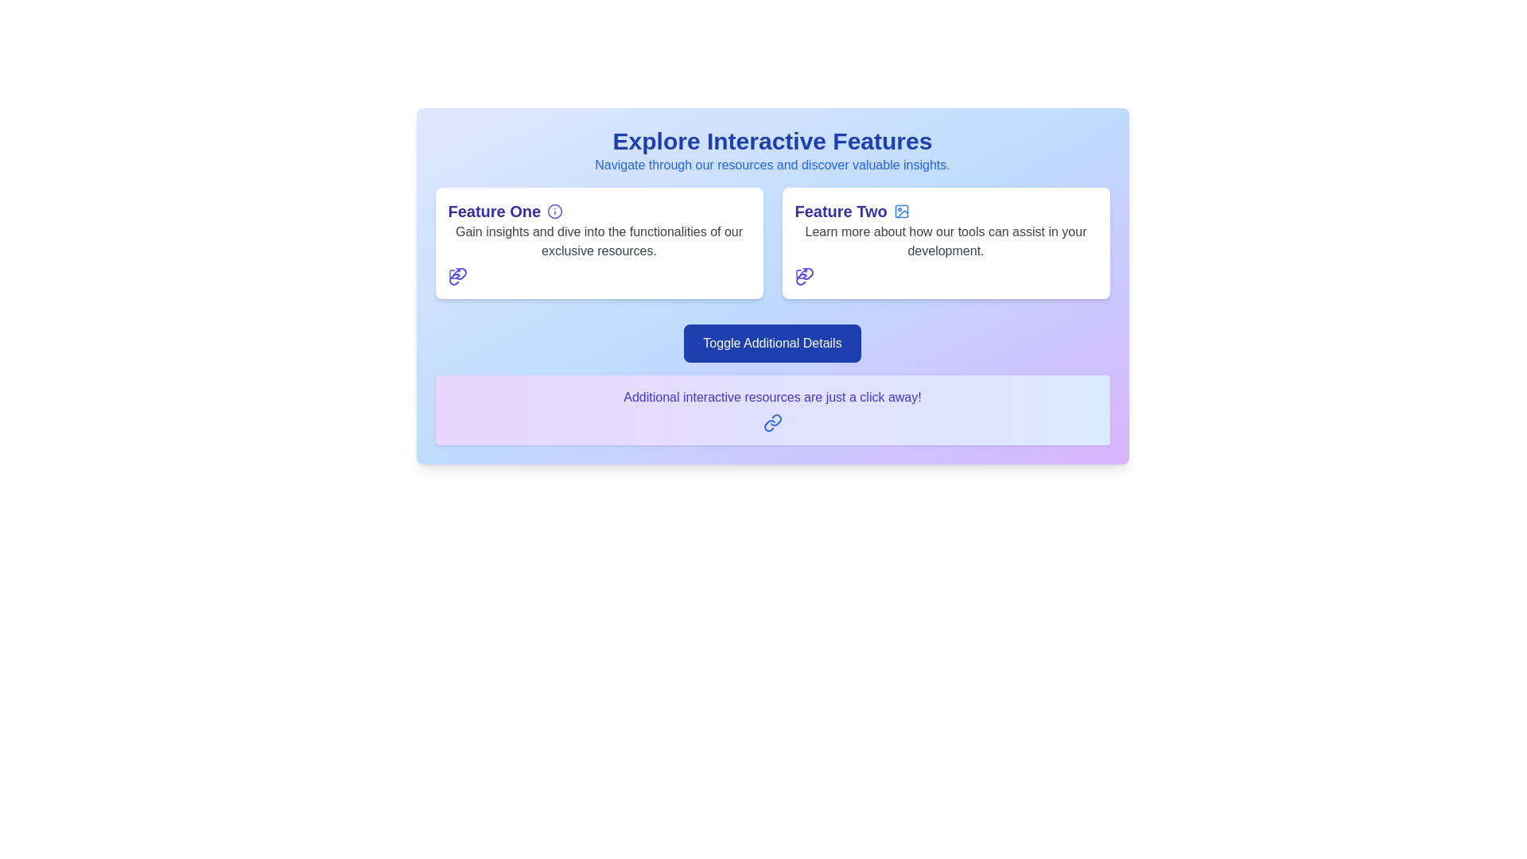  I want to click on the static text component that serves as a descriptive subtitle positioned directly below the 'Explore Interactive Features' heading, so click(772, 165).